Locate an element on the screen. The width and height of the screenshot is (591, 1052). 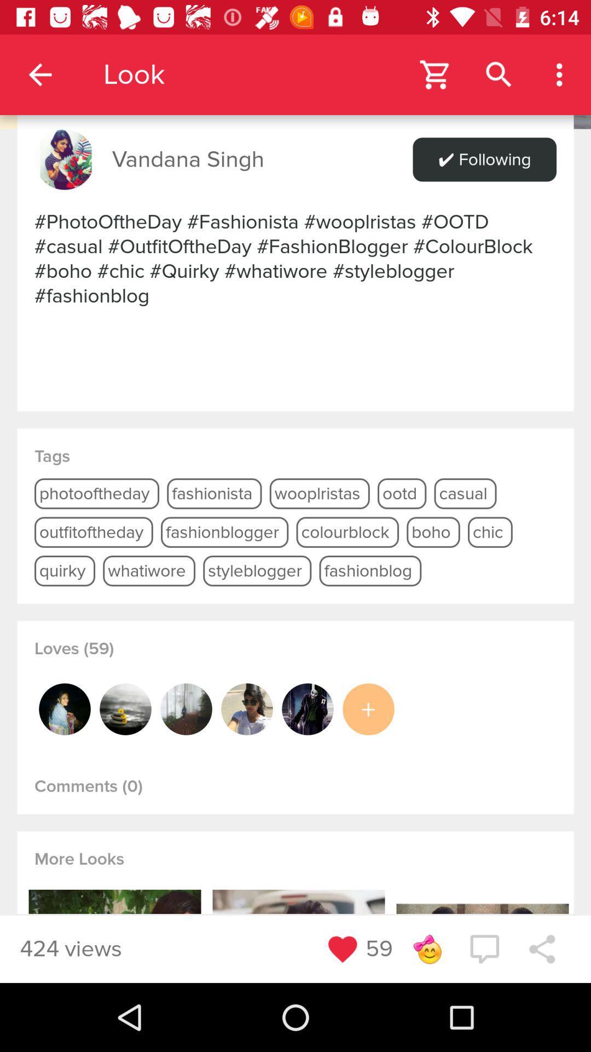
share media is located at coordinates (542, 948).